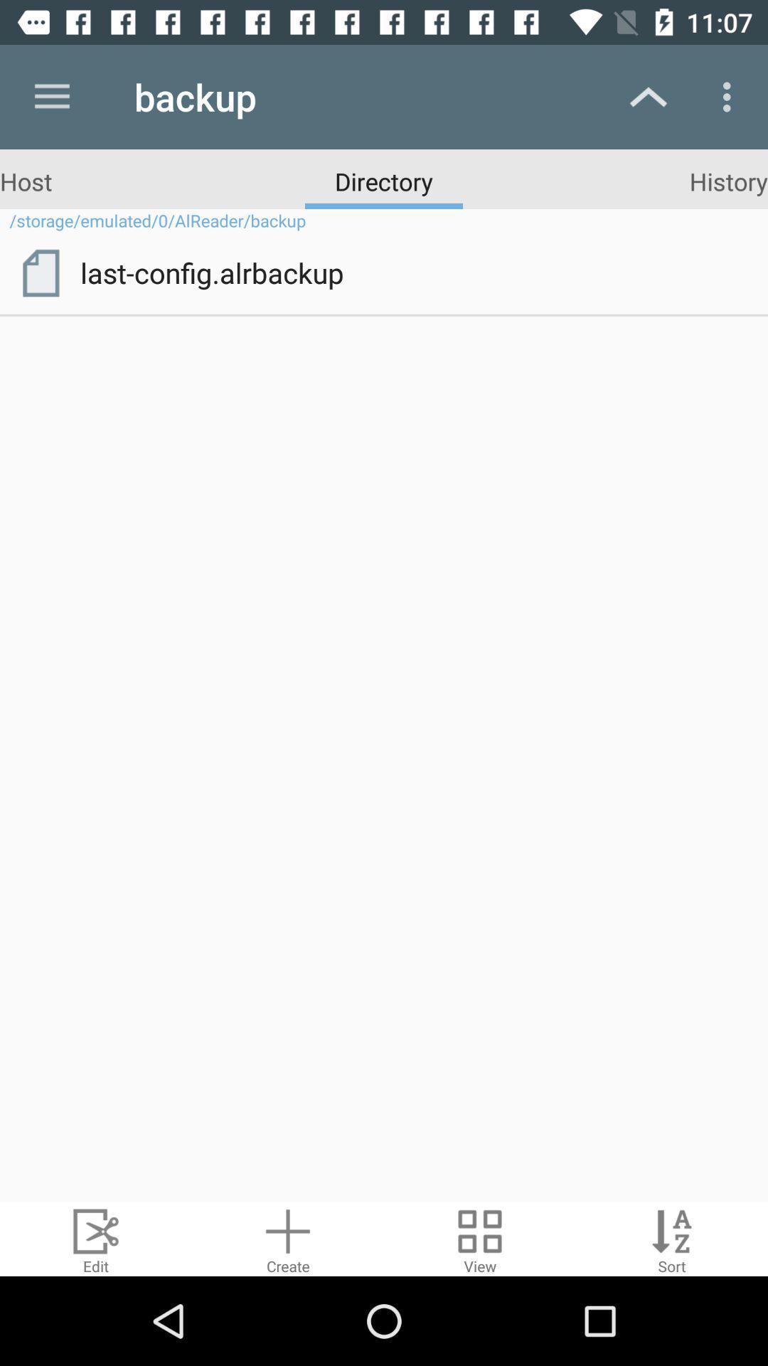 This screenshot has height=1366, width=768. Describe the element at coordinates (728, 180) in the screenshot. I see `the history item` at that location.